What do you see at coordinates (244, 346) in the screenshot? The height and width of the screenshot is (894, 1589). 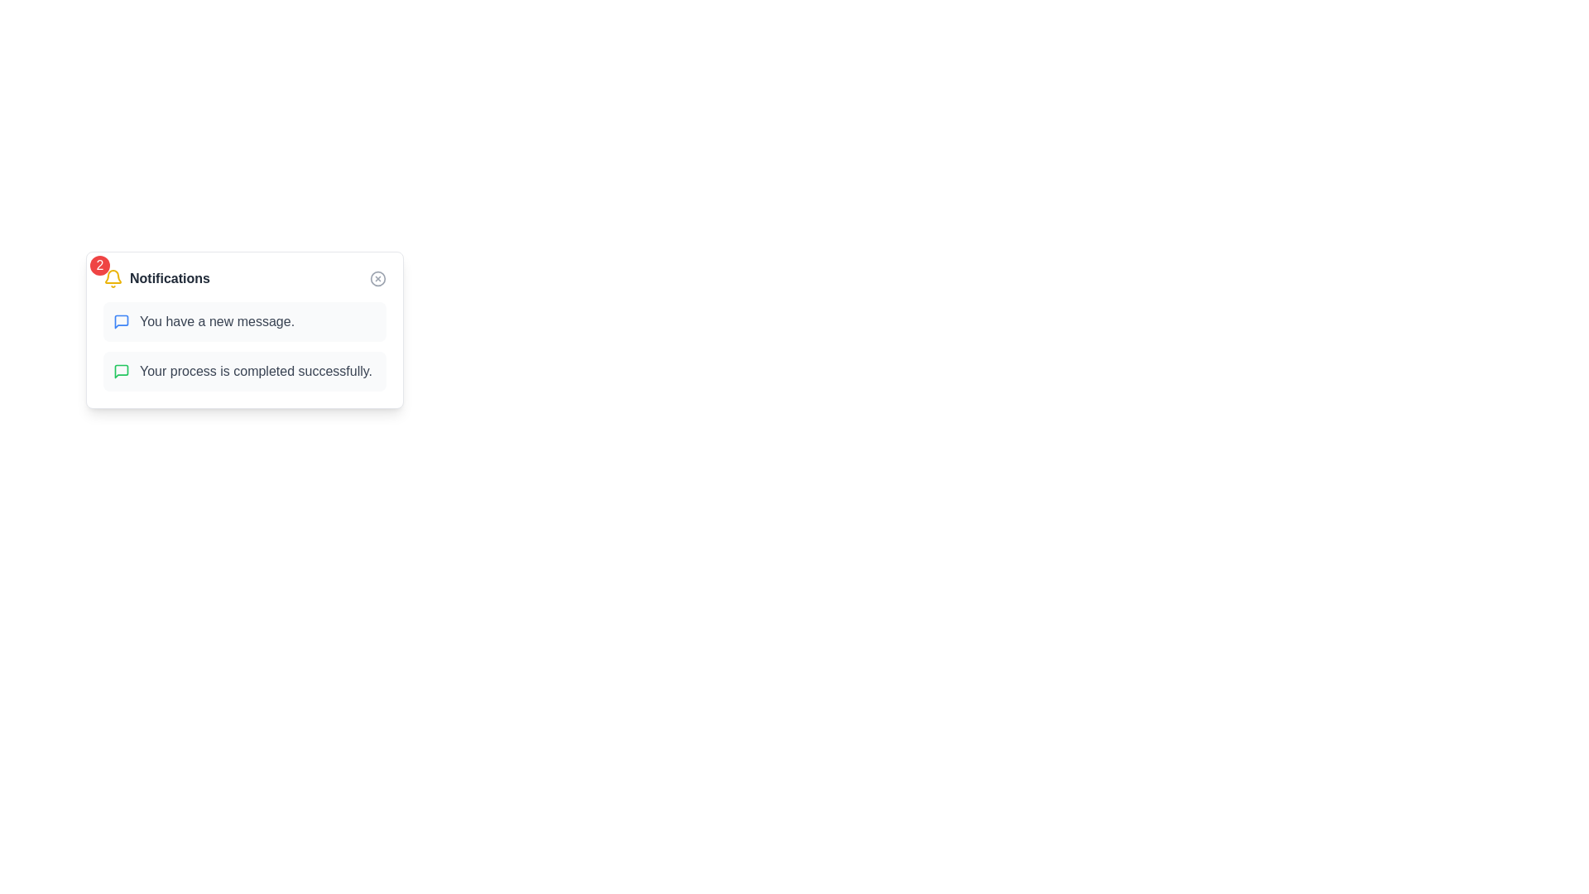 I see `the Notification List which contains two messages: 'You have a new message' and 'Your process is completed successfully.'` at bounding box center [244, 346].